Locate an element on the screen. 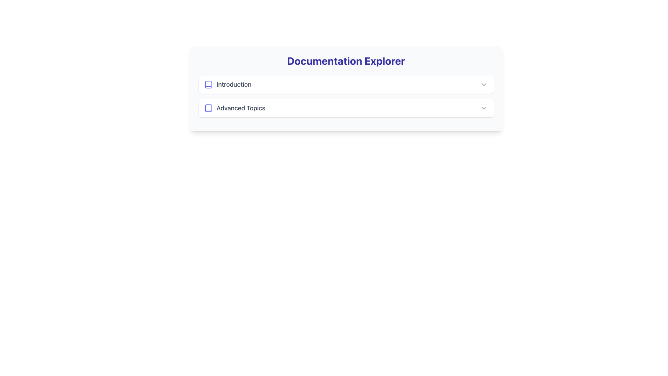 This screenshot has width=668, height=376. label text 'Introduction', which is a gray-colored textual label styled with medium weight and is positioned adjacent to a book icon in indigo is located at coordinates (228, 84).